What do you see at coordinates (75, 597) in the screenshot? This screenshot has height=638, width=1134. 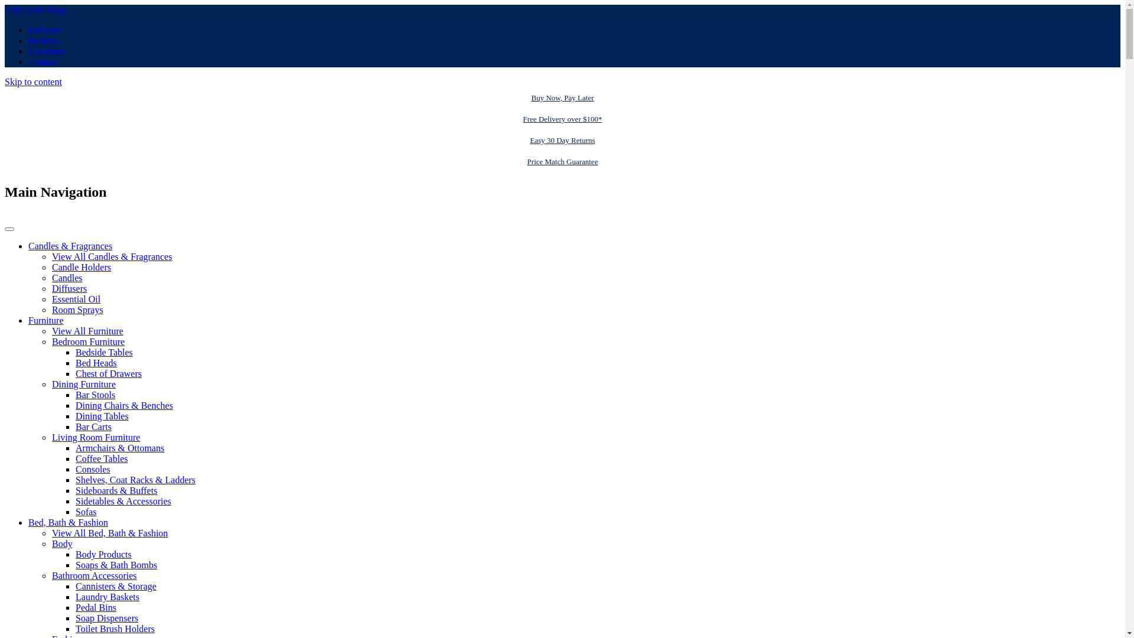 I see `'Laundry Baskets'` at bounding box center [75, 597].